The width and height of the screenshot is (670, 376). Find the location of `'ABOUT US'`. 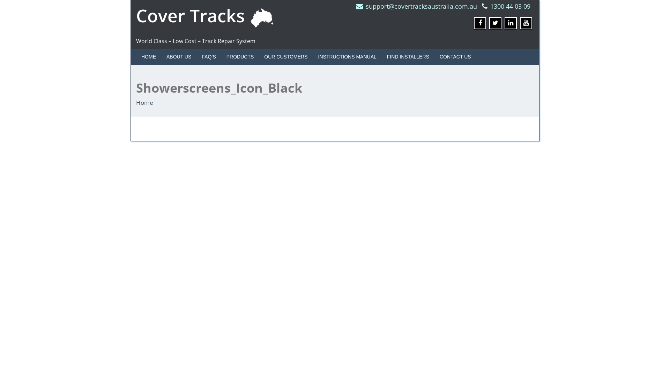

'ABOUT US' is located at coordinates (179, 56).